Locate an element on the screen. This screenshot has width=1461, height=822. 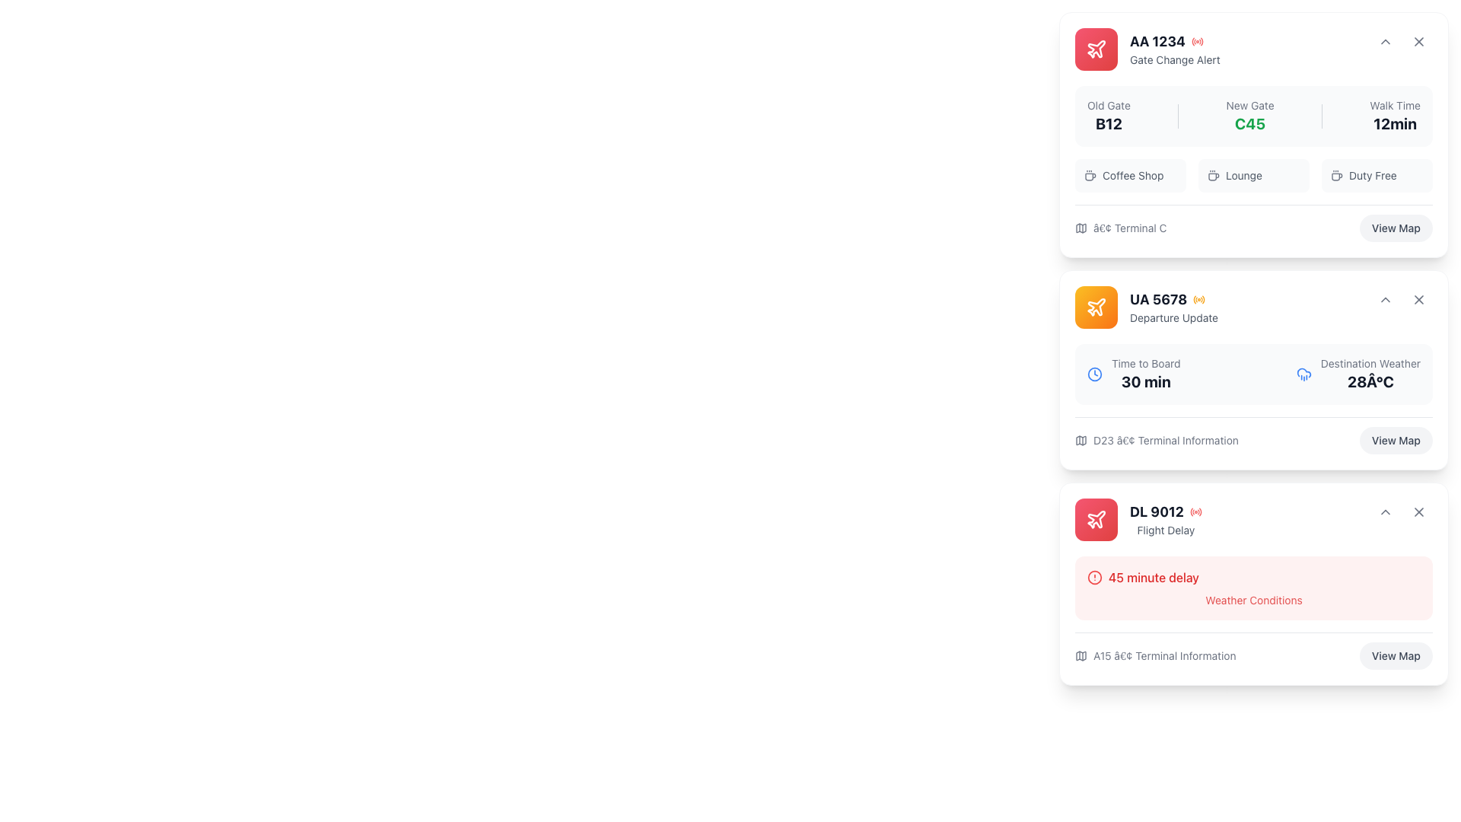
the upward-pointing chevron icon button located in the top-right corner of the 'DL 9012 - Flight Delay' card is located at coordinates (1385, 511).